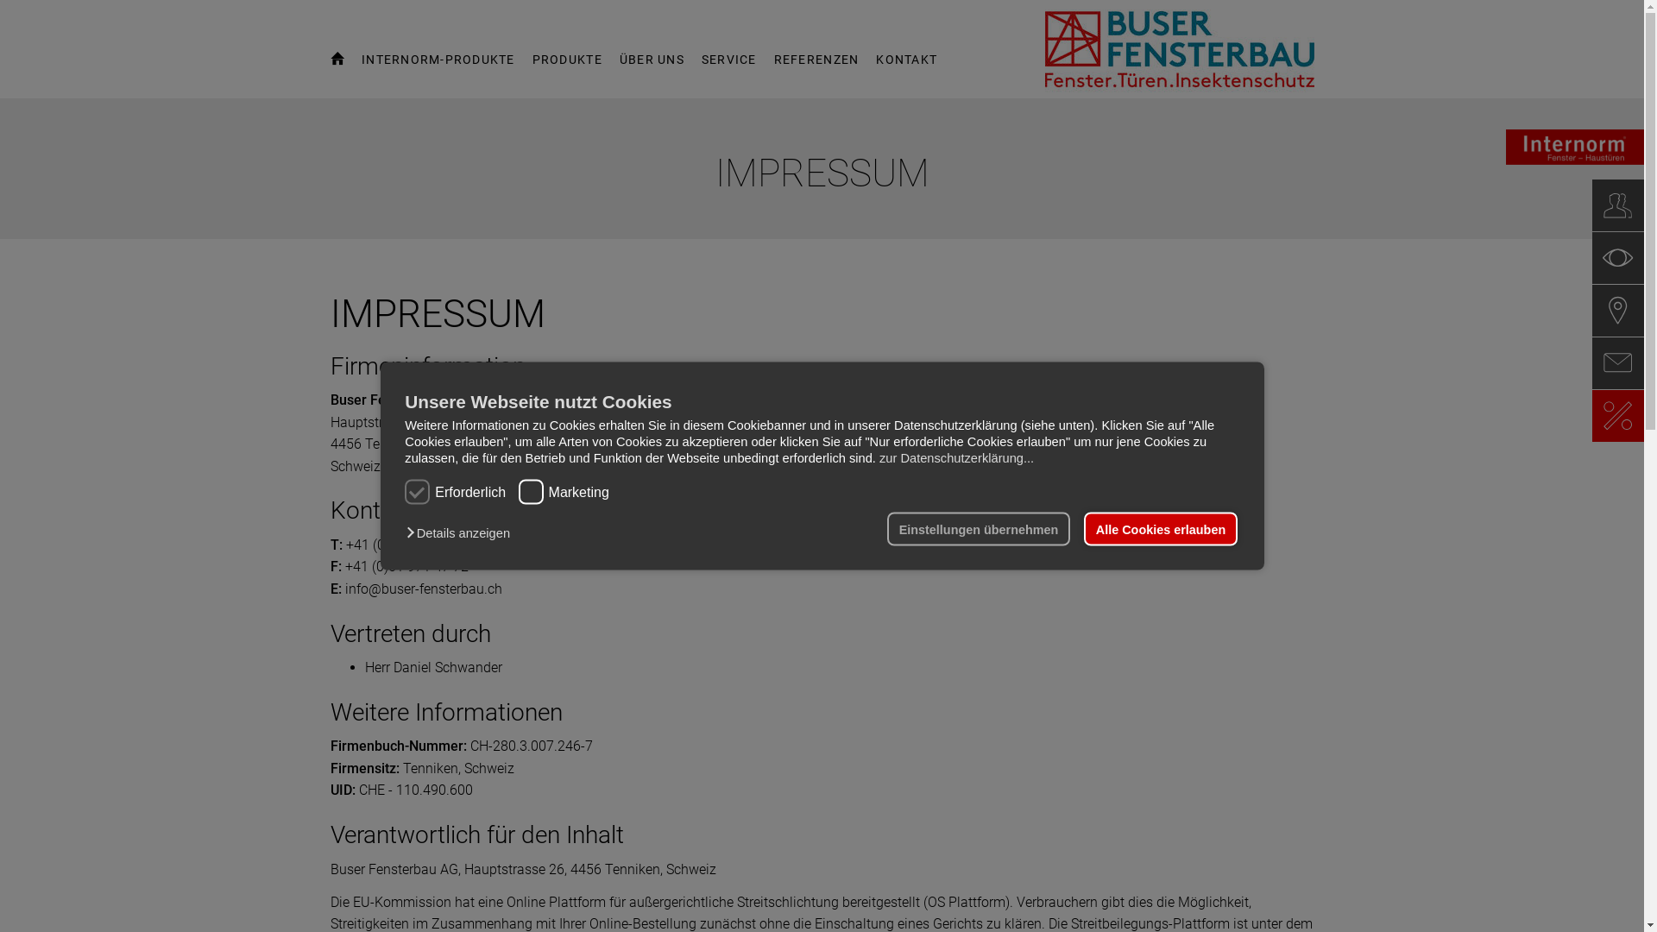 The width and height of the screenshot is (1657, 932). What do you see at coordinates (438, 66) in the screenshot?
I see `'INTERNORM-PRODUKTE'` at bounding box center [438, 66].